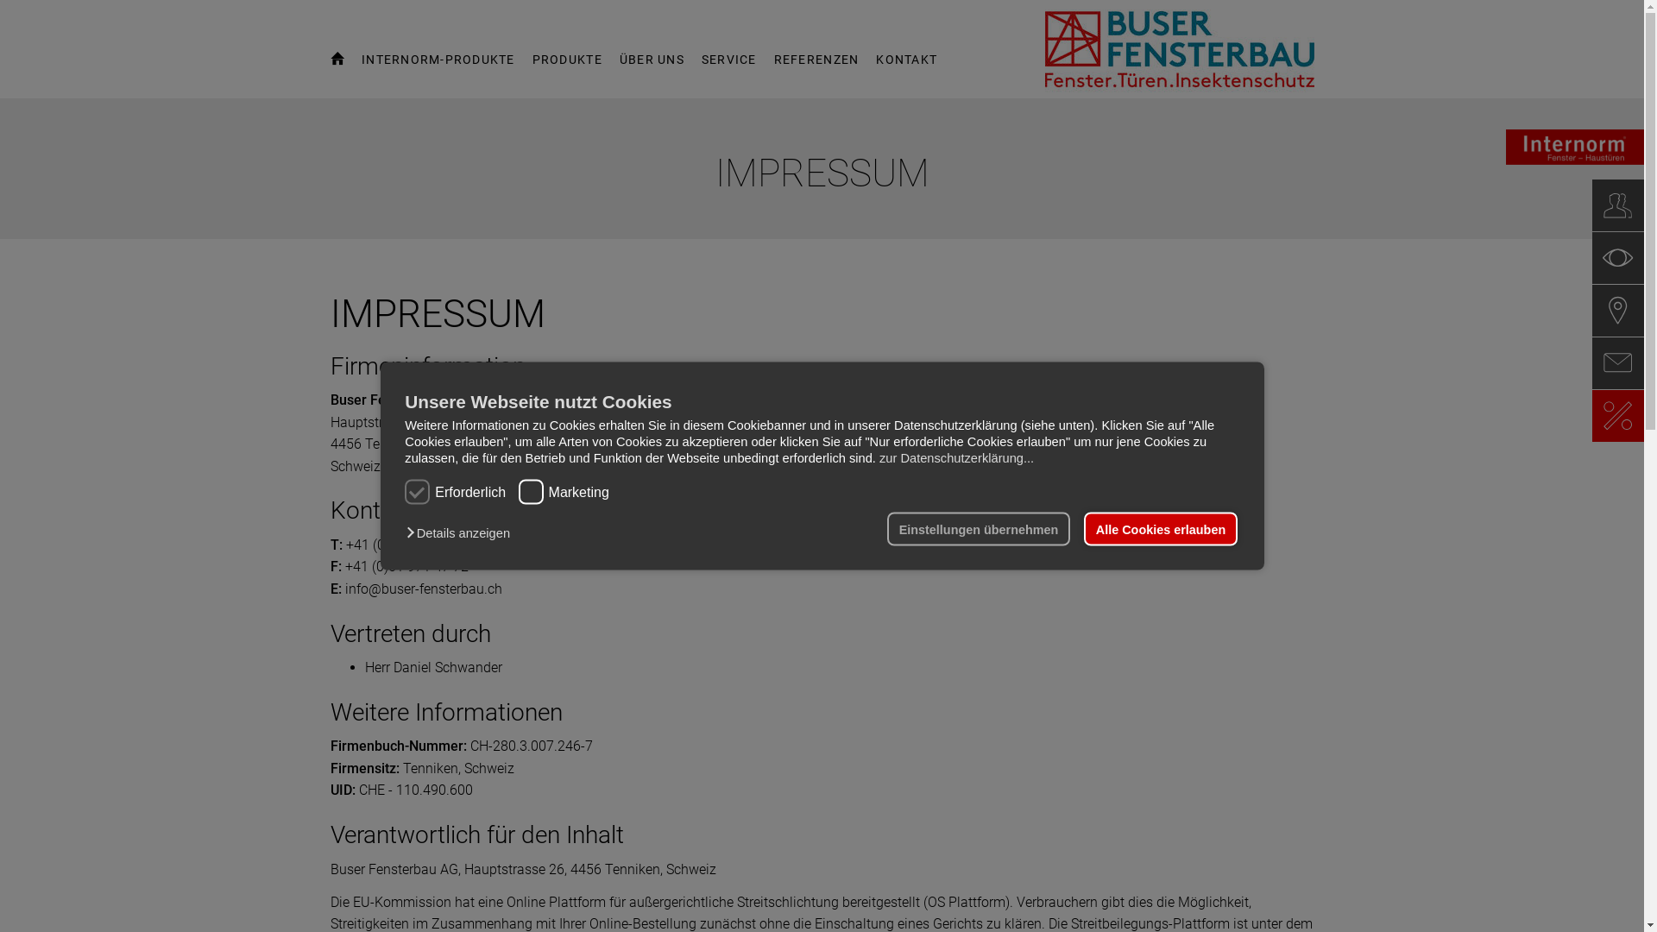 The width and height of the screenshot is (1657, 932). What do you see at coordinates (438, 66) in the screenshot?
I see `'INTERNORM-PRODUKTE'` at bounding box center [438, 66].